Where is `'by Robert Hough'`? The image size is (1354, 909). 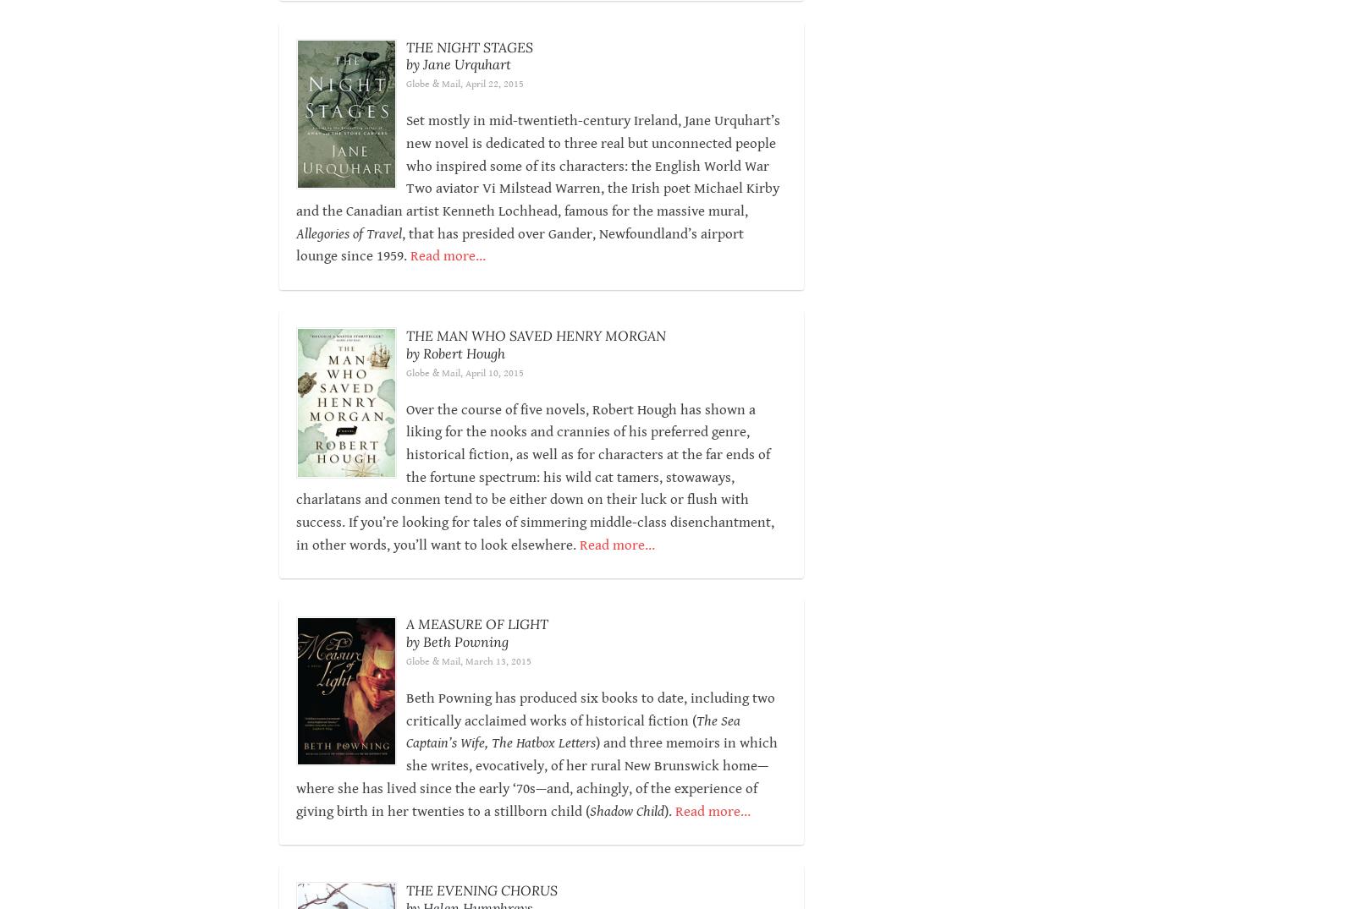
'by Robert Hough' is located at coordinates (454, 351).